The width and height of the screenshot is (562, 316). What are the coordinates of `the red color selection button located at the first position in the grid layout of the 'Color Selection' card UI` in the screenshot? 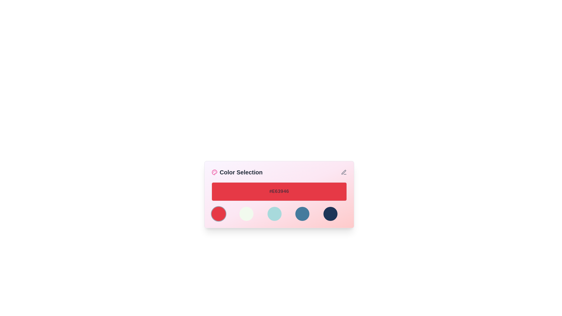 It's located at (218, 214).